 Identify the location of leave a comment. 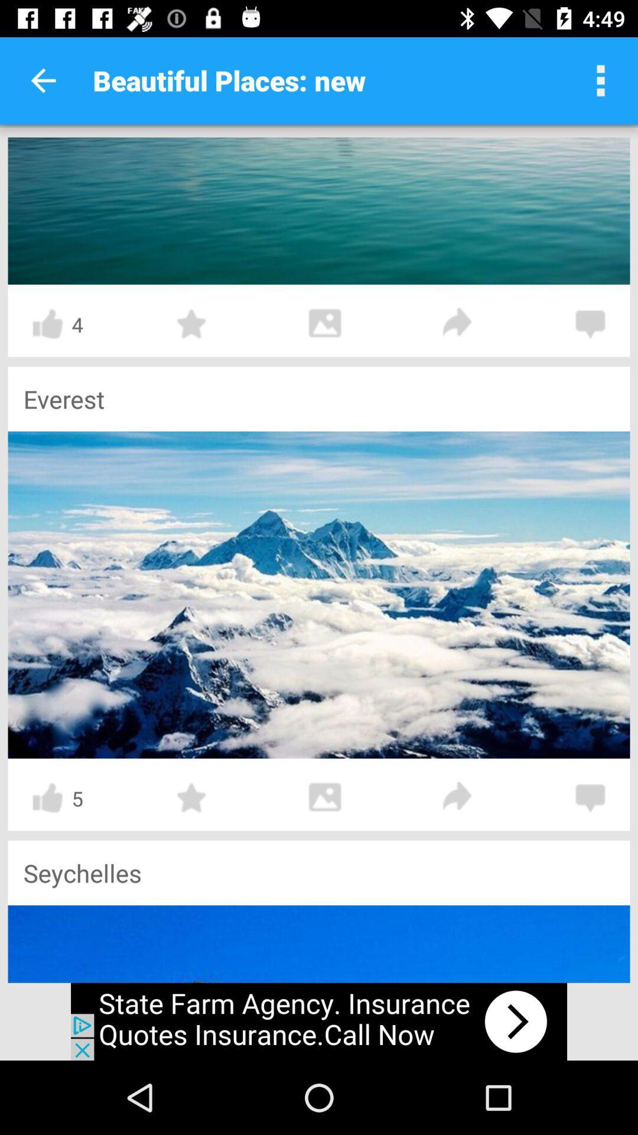
(590, 797).